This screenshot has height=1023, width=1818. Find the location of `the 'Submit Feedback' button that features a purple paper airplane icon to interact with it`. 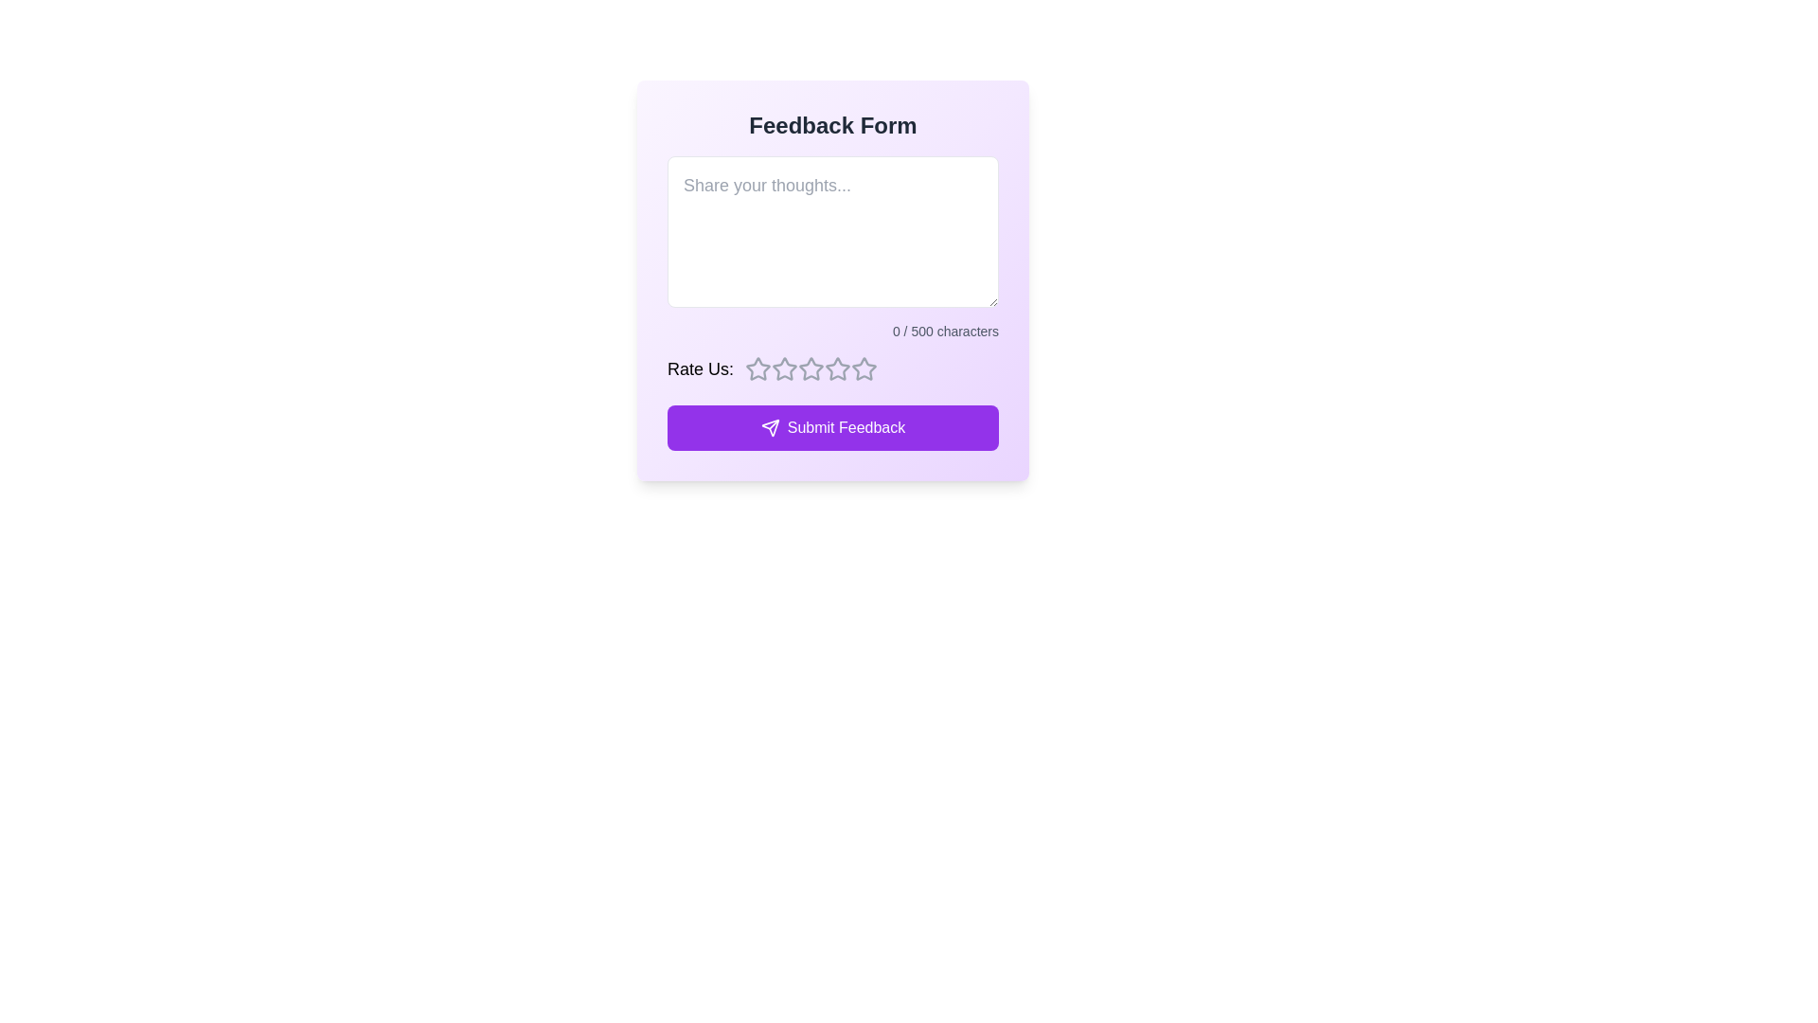

the 'Submit Feedback' button that features a purple paper airplane icon to interact with it is located at coordinates (770, 427).